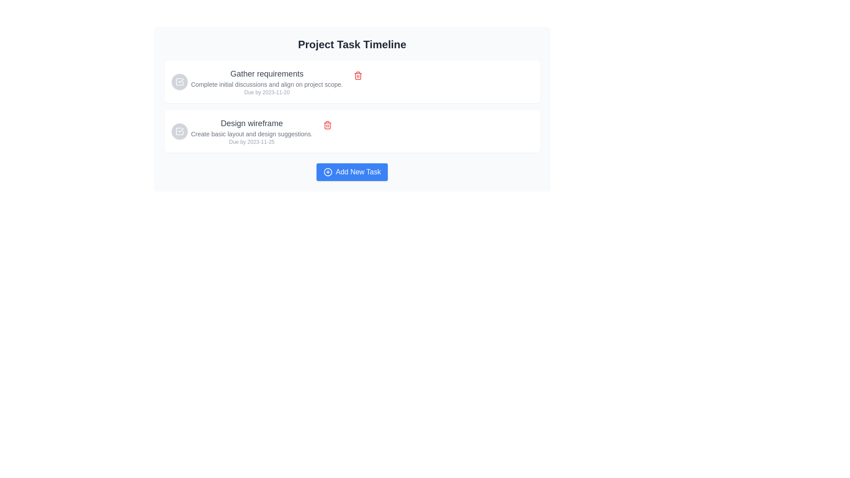  I want to click on the circular button with a light gray background and a white checkmark icon, which is located to the left of the 'Gather requirements' text, so click(179, 82).